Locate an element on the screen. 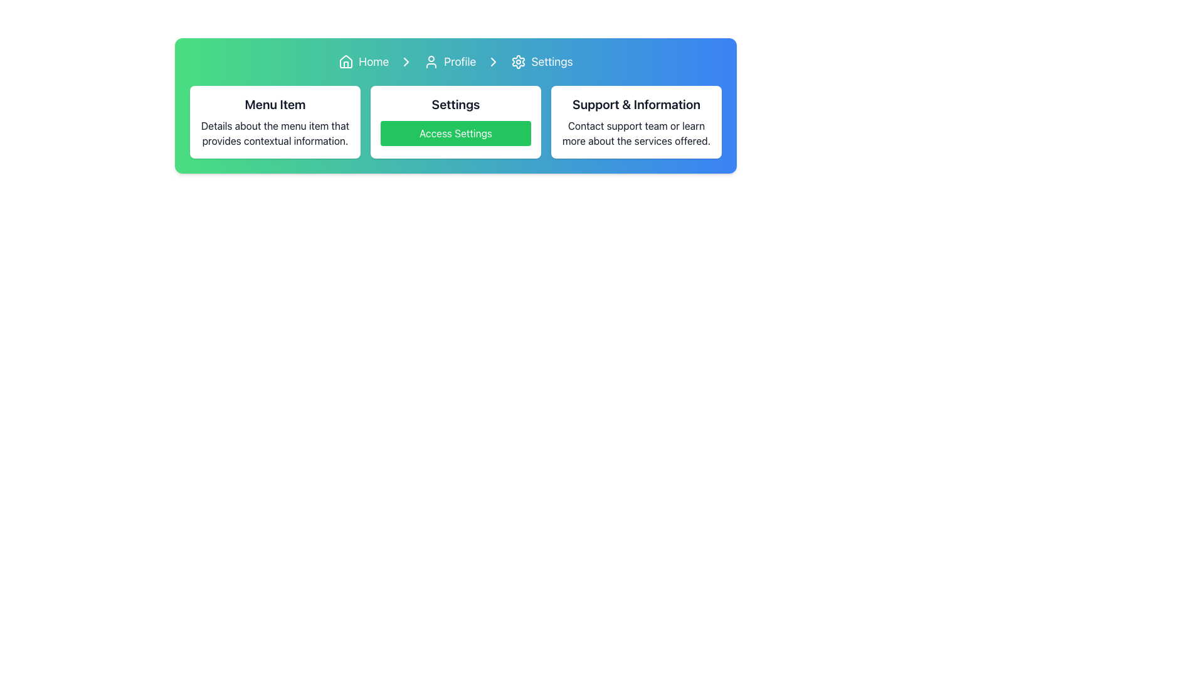 The width and height of the screenshot is (1204, 677). the text block that says 'Contact support team or learn more about the services offered.' located below the 'Support & Information' title in the card on the right side of the interface is located at coordinates (636, 133).